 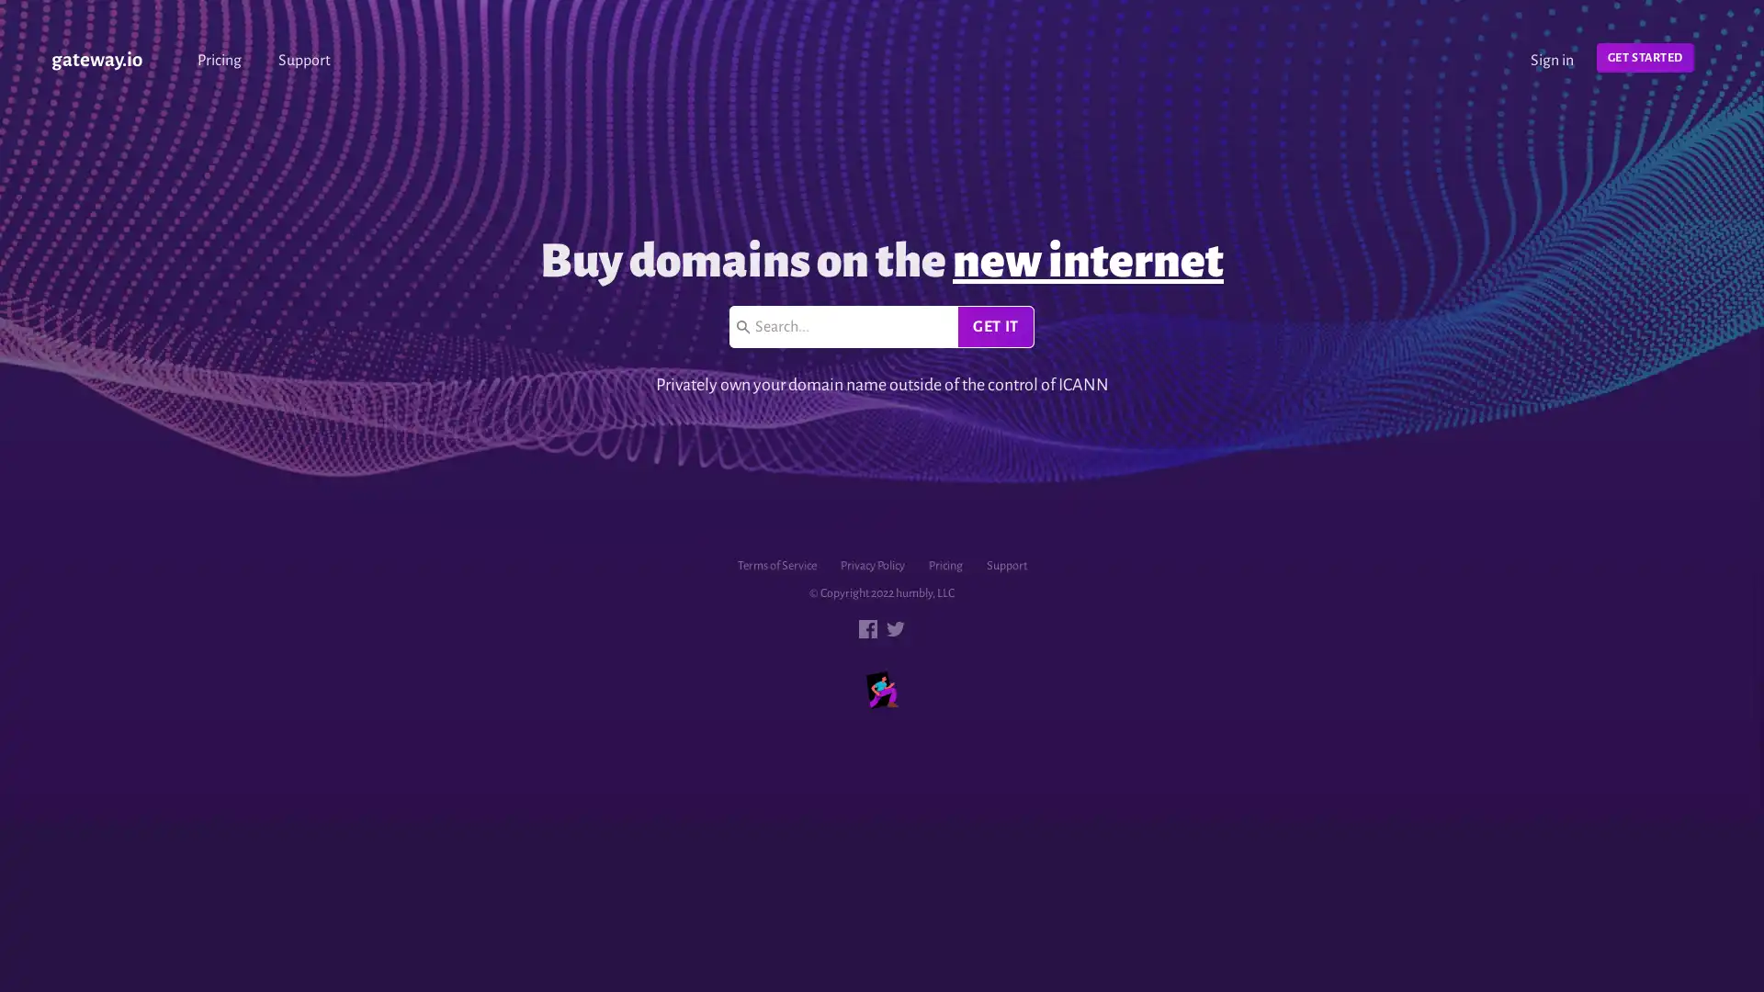 I want to click on GET IT, so click(x=994, y=325).